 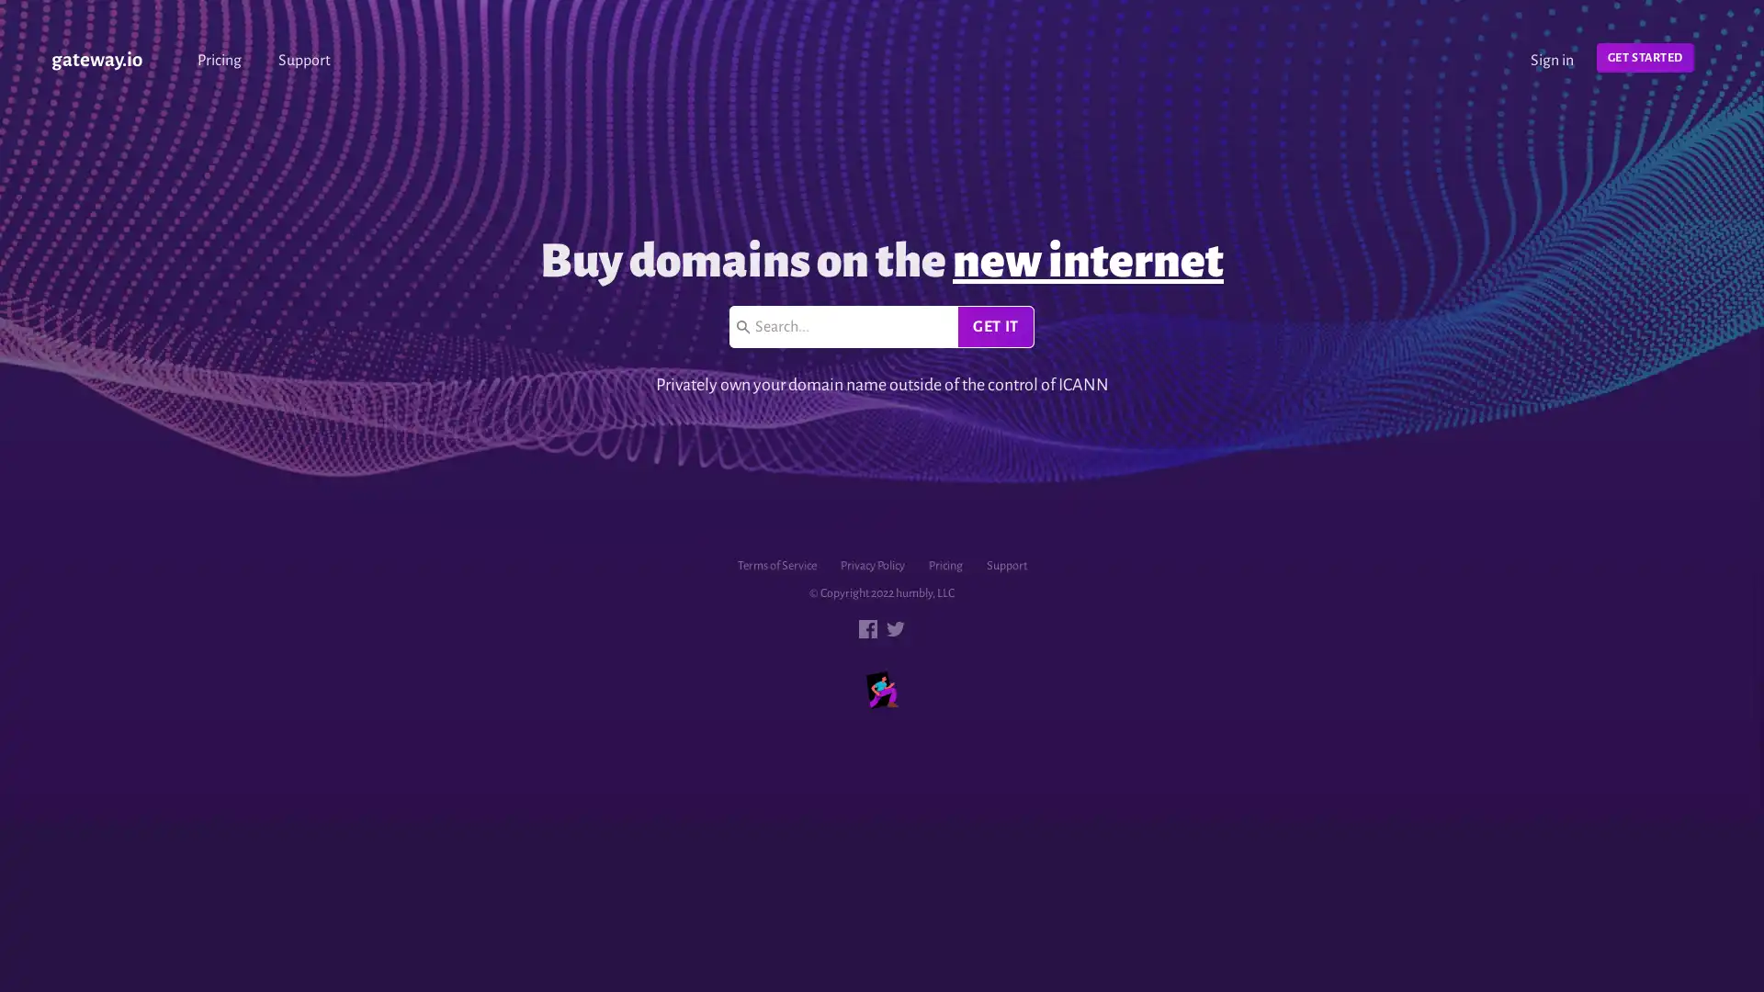 I want to click on GET IT, so click(x=994, y=325).